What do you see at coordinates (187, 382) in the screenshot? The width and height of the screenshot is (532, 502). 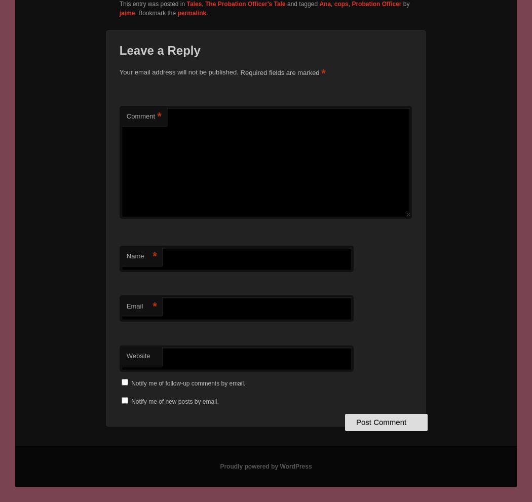 I see `'Notify me of follow-up comments by email.'` at bounding box center [187, 382].